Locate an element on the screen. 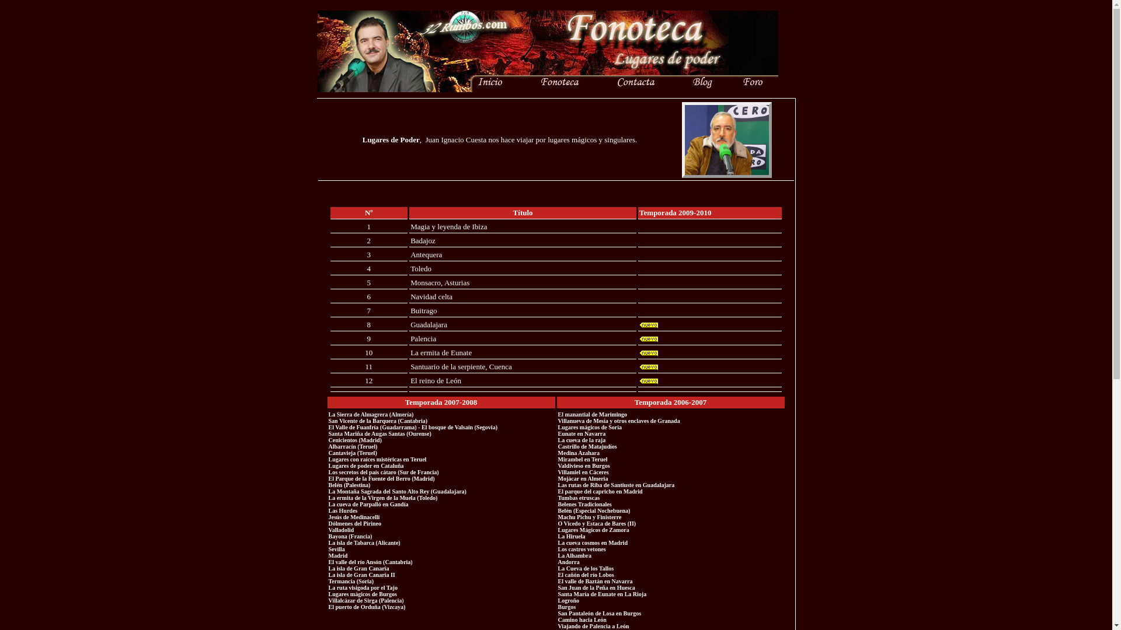  'La isla de Tabarca (Alicante) ' is located at coordinates (364, 542).